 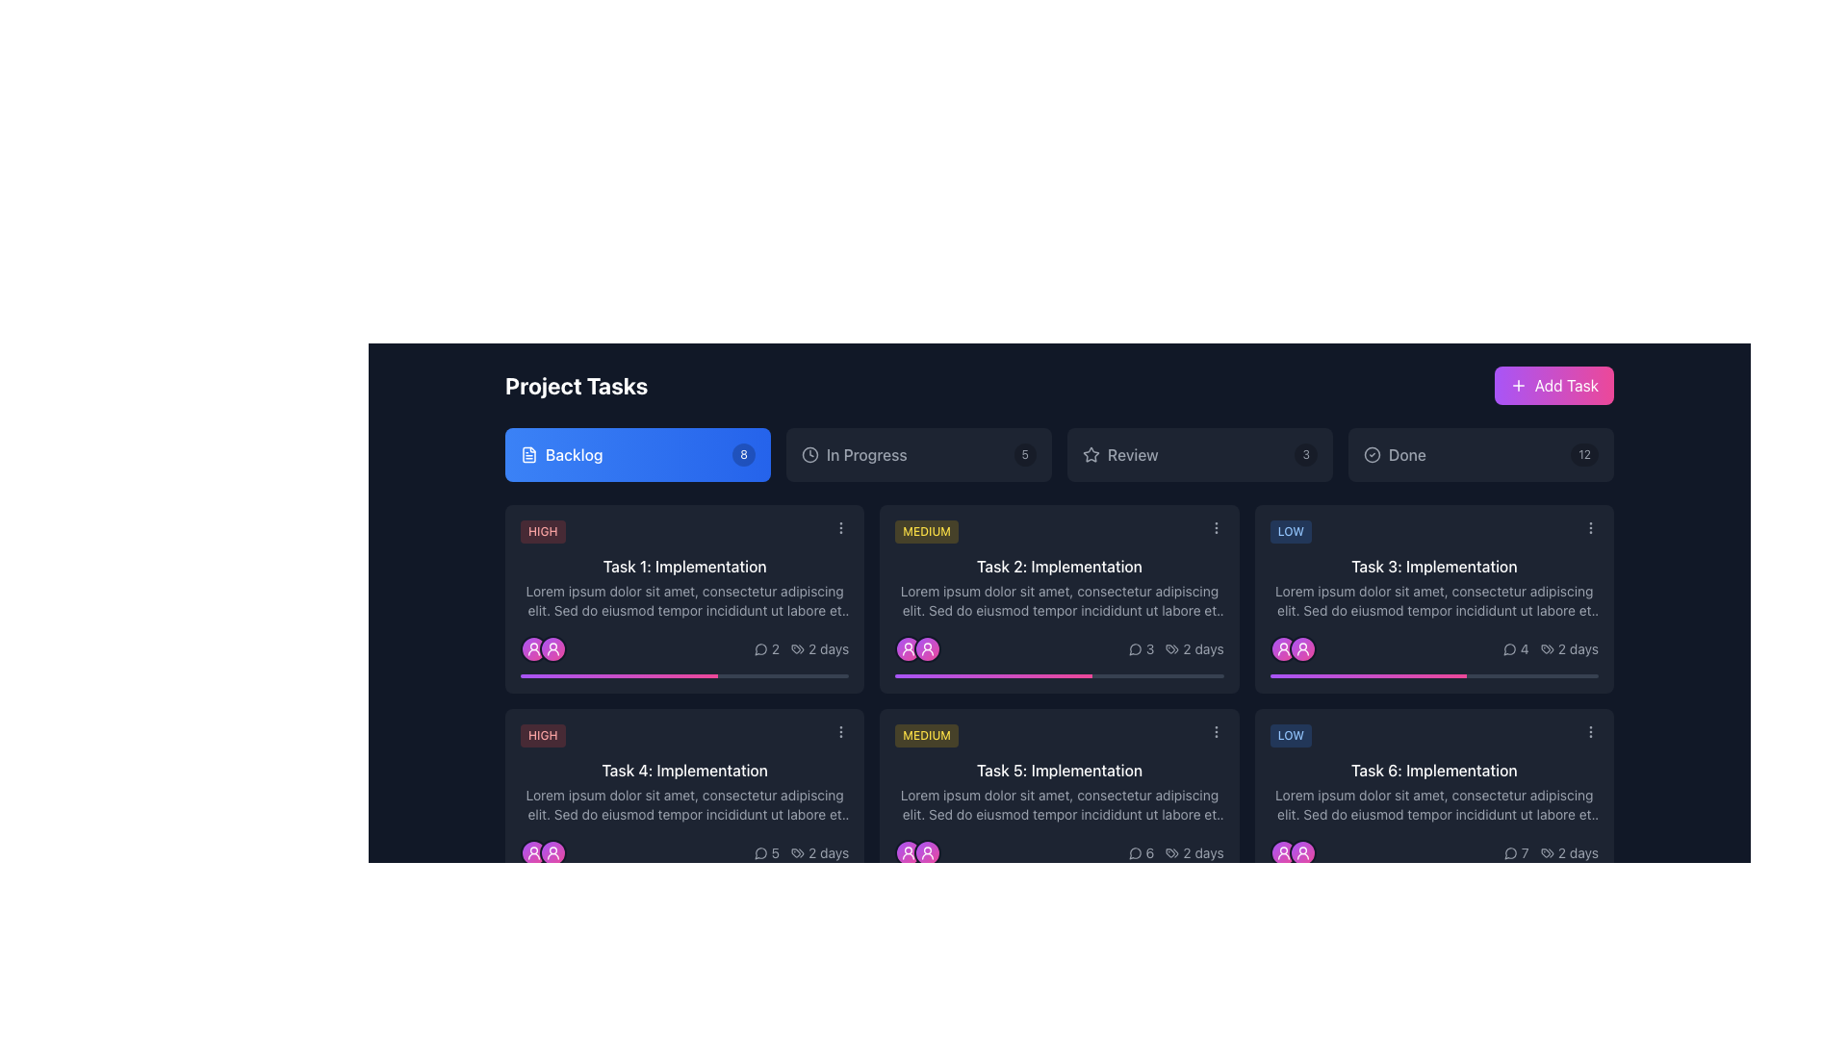 I want to click on the 'Done' text label located on the far right of the horizontal menu bar, which includes a circular checkmark icon to its left and a count indicator to its right, so click(x=1407, y=455).